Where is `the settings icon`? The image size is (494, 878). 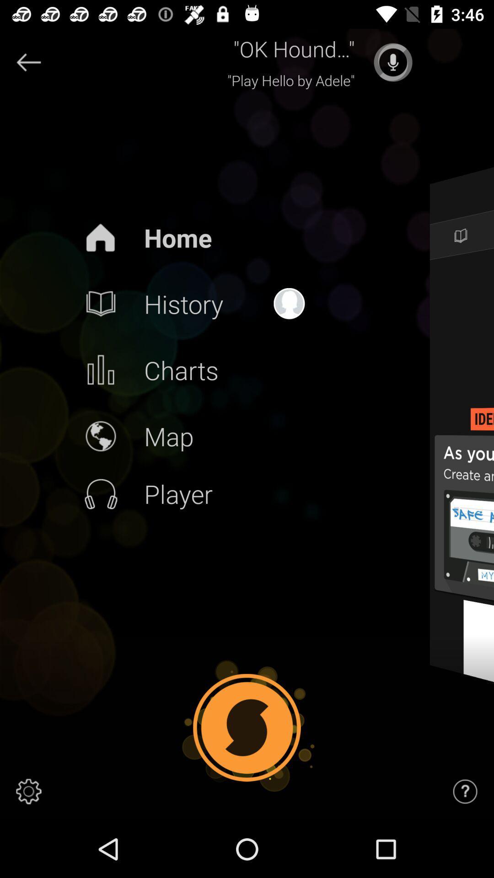
the settings icon is located at coordinates (28, 791).